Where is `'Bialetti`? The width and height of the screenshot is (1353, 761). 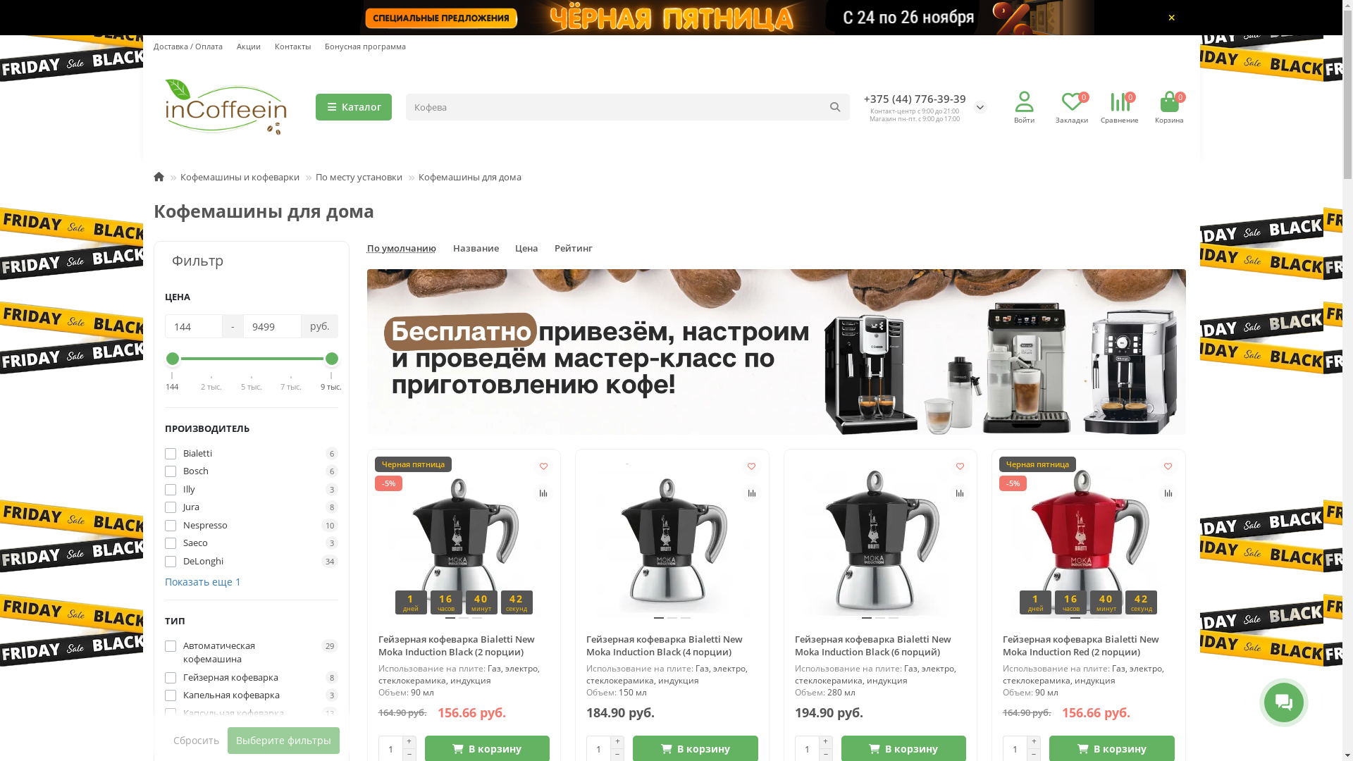
'Bialetti is located at coordinates (251, 454).